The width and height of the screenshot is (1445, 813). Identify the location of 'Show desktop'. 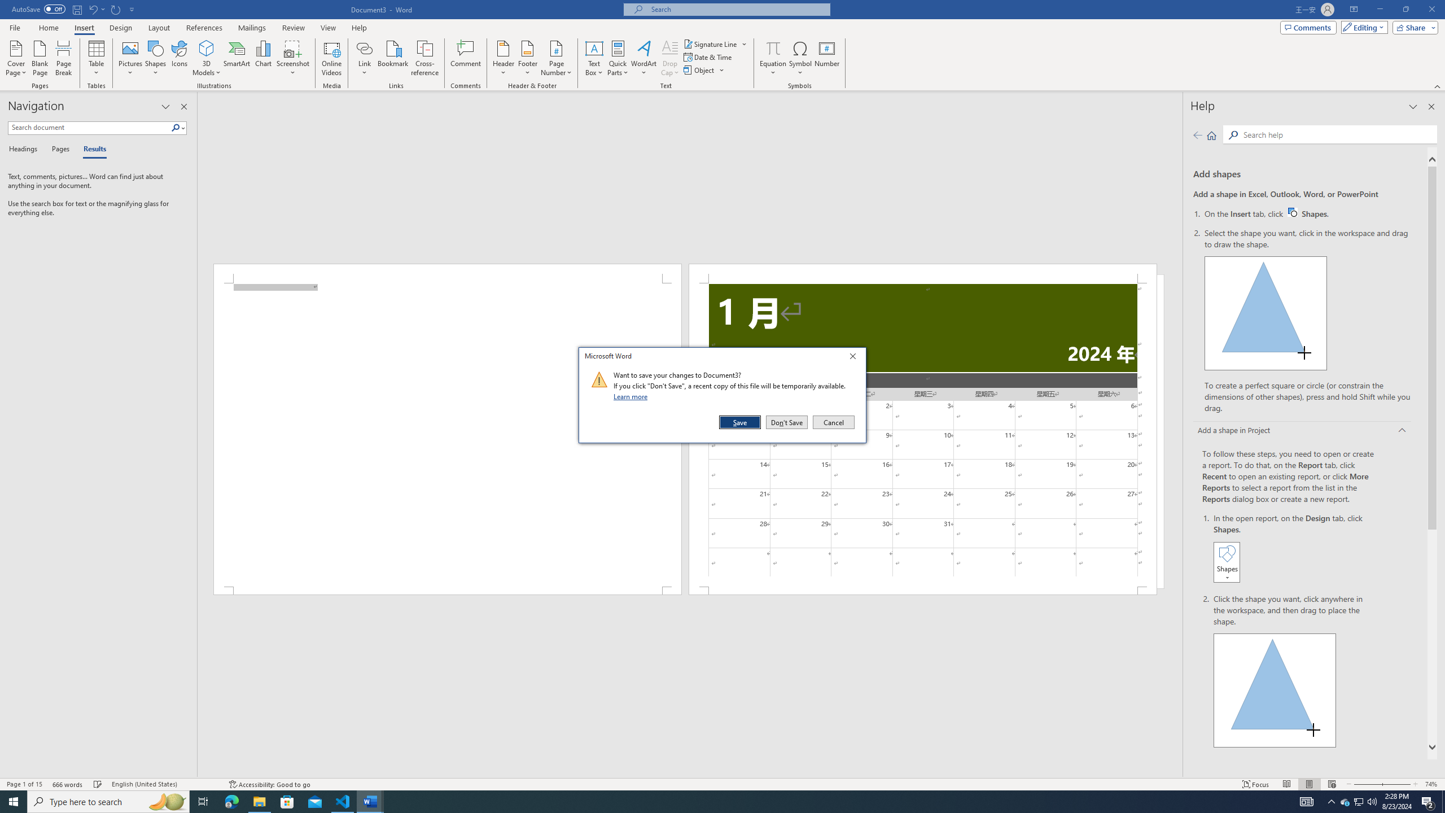
(1443, 801).